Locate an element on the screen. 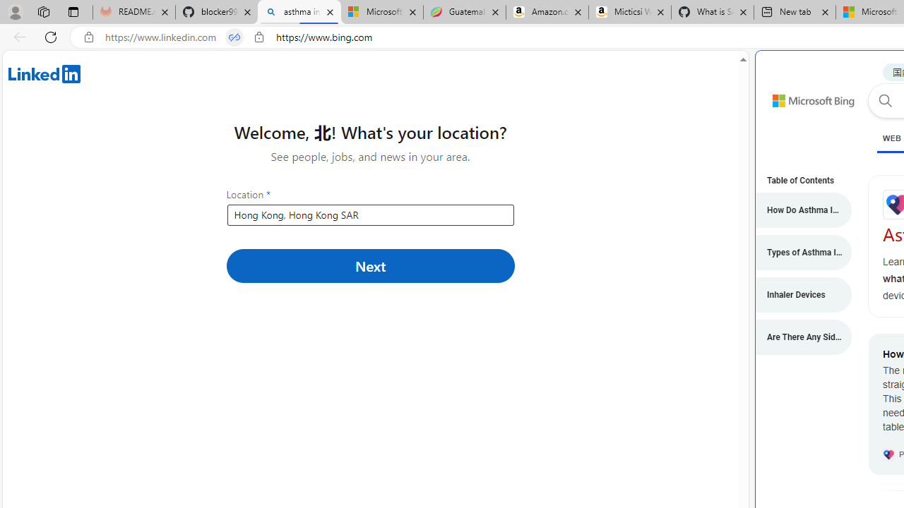 Image resolution: width=904 pixels, height=508 pixels. 'Search button' is located at coordinates (884, 99).